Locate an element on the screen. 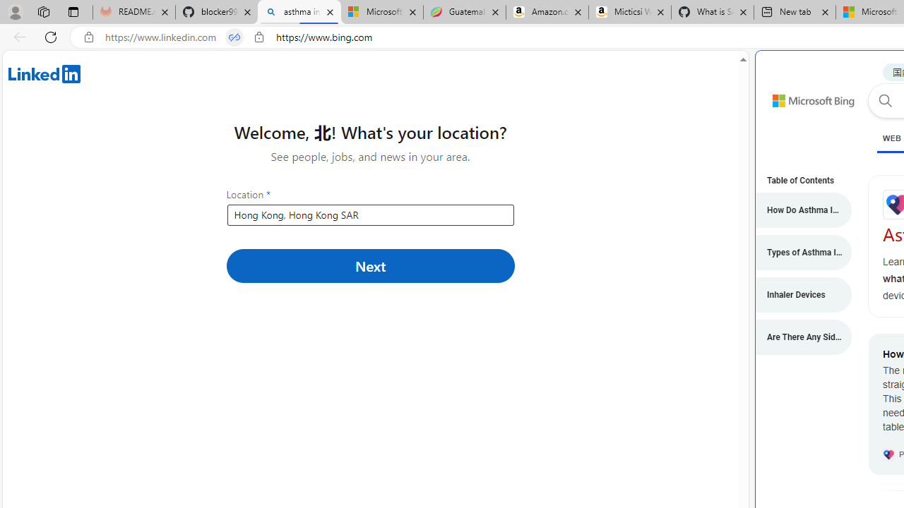 Image resolution: width=904 pixels, height=508 pixels. 'Search button' is located at coordinates (884, 99).